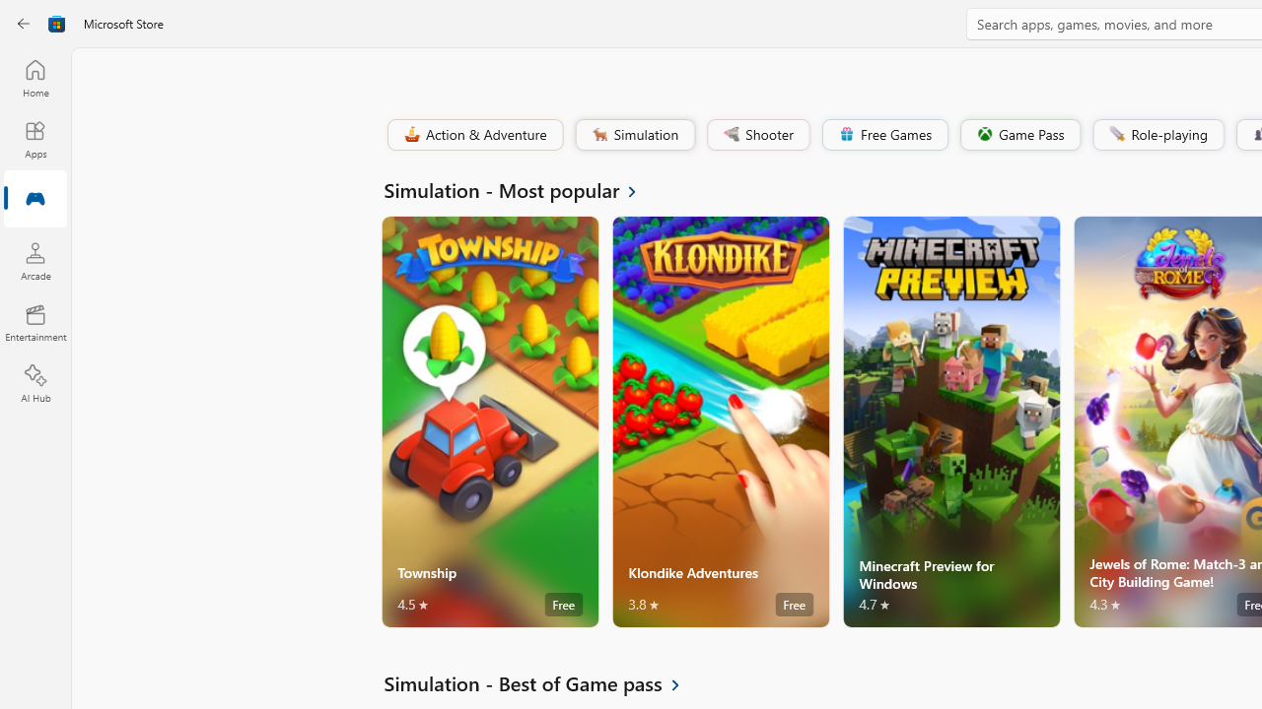  What do you see at coordinates (35, 260) in the screenshot?
I see `'Arcade'` at bounding box center [35, 260].